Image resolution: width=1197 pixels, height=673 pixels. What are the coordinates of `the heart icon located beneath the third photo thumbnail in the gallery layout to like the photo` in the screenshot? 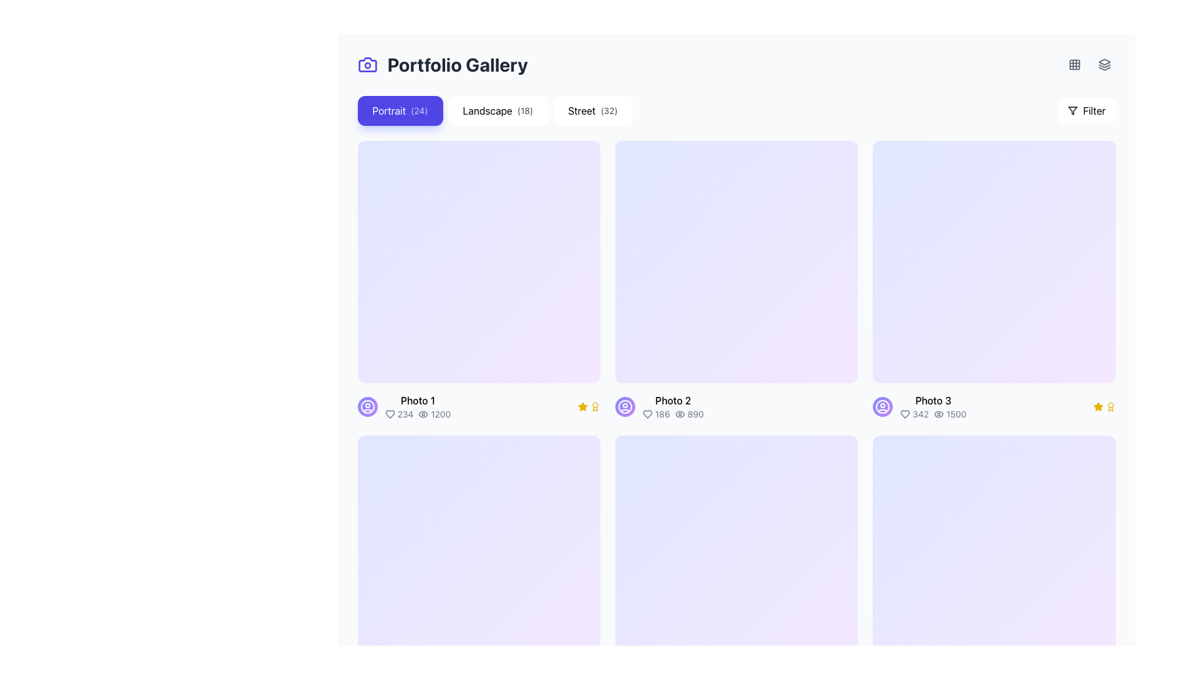 It's located at (905, 414).